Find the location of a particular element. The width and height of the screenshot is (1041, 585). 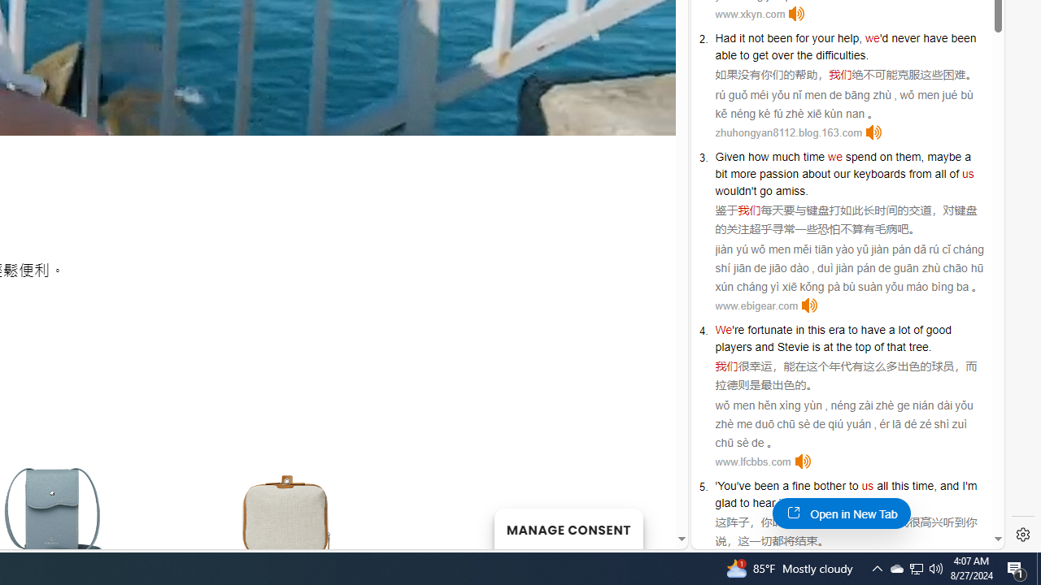

'MANAGE CONSENT' is located at coordinates (568, 528).